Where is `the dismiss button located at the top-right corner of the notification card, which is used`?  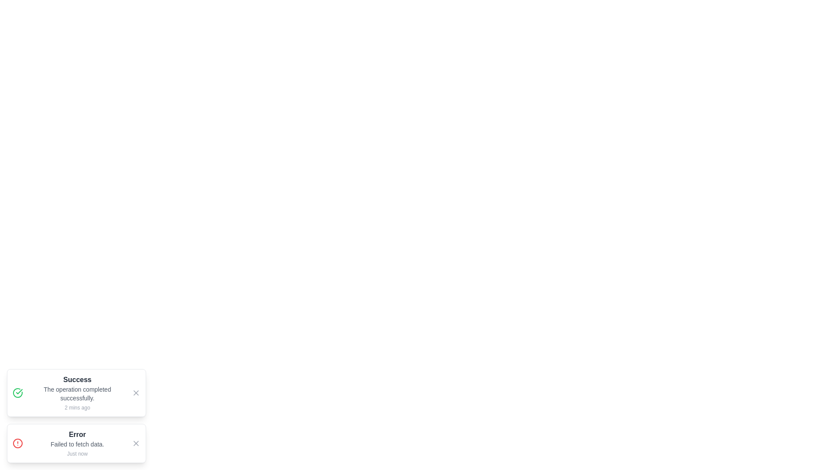
the dismiss button located at the top-right corner of the notification card, which is used is located at coordinates (135, 443).